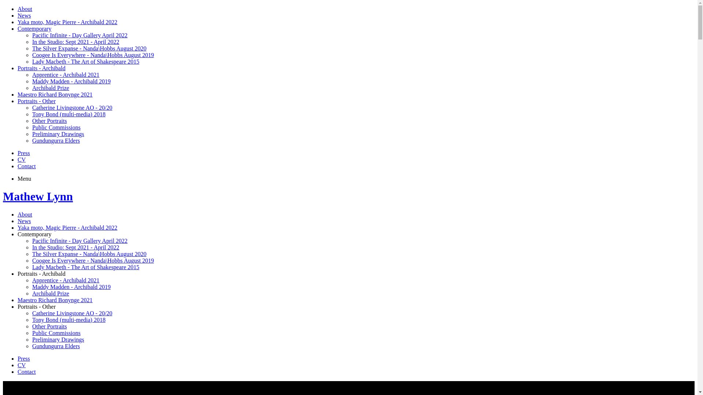 This screenshot has height=395, width=703. Describe the element at coordinates (56, 333) in the screenshot. I see `'Public Commissions'` at that location.